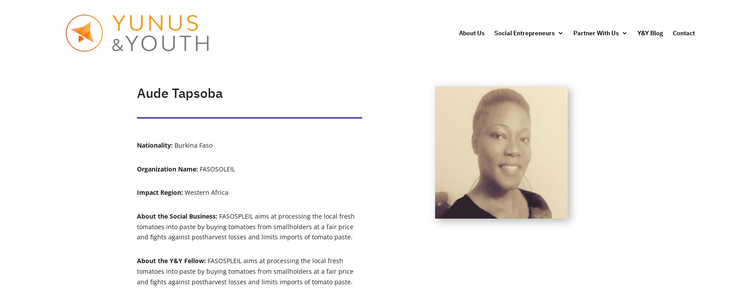 The height and width of the screenshot is (305, 751). Describe the element at coordinates (155, 145) in the screenshot. I see `'Nationality:'` at that location.